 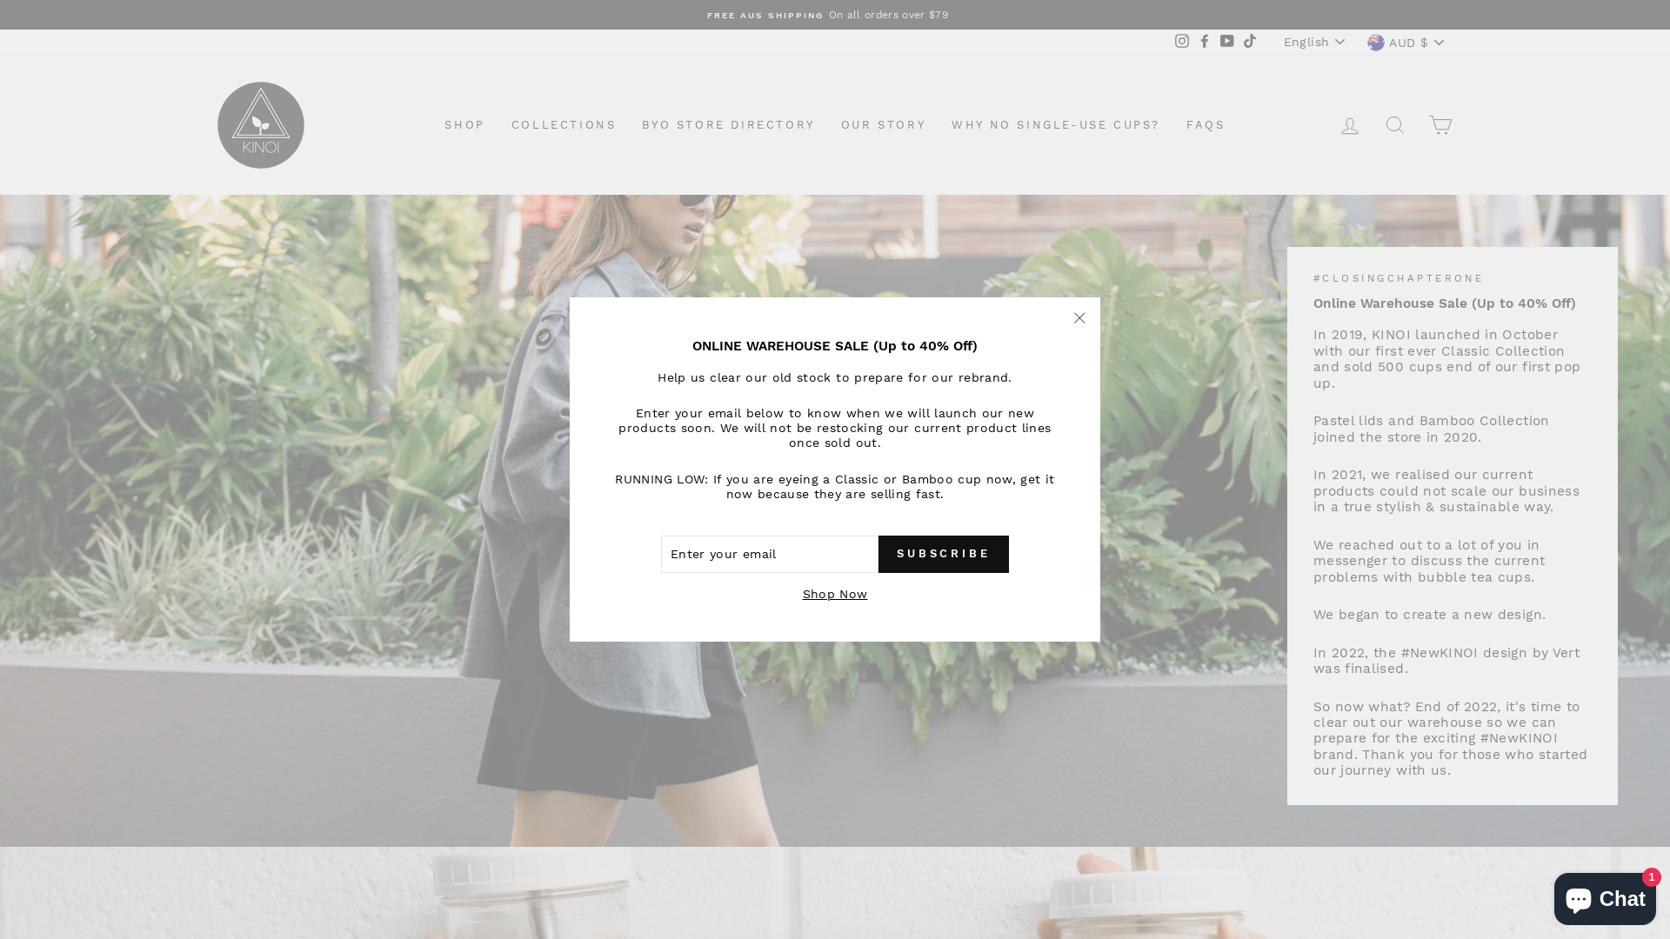 What do you see at coordinates (1226, 42) in the screenshot?
I see `'YouTube'` at bounding box center [1226, 42].